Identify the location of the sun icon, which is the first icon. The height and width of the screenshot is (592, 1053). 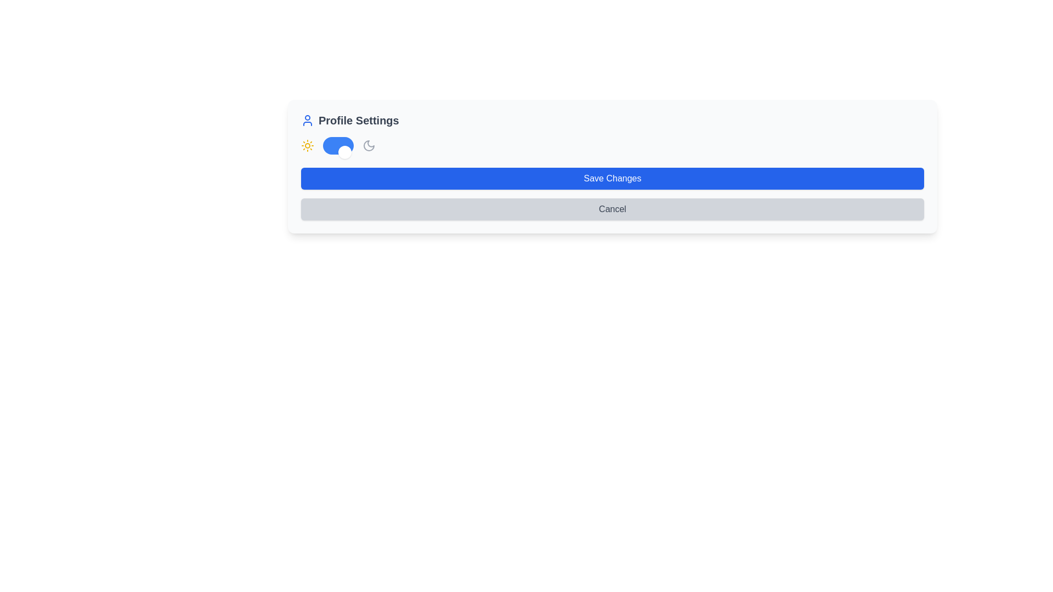
(307, 145).